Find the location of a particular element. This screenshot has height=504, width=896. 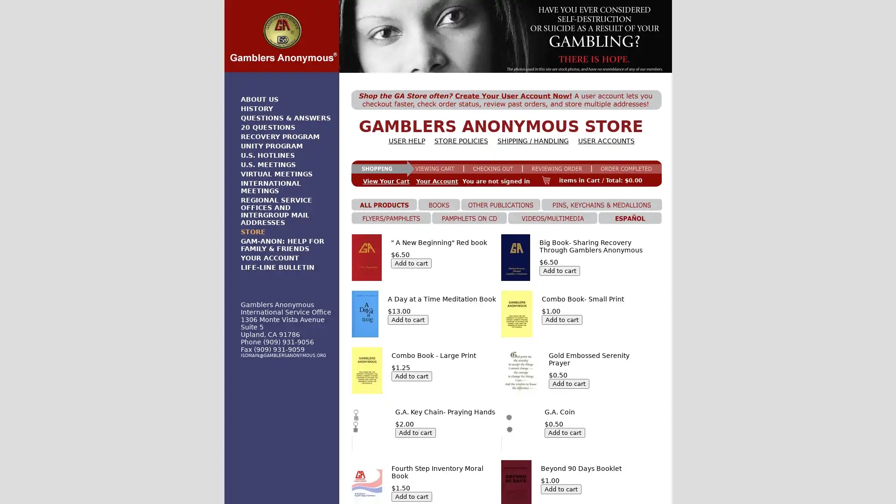

Add to cart is located at coordinates (411, 496).